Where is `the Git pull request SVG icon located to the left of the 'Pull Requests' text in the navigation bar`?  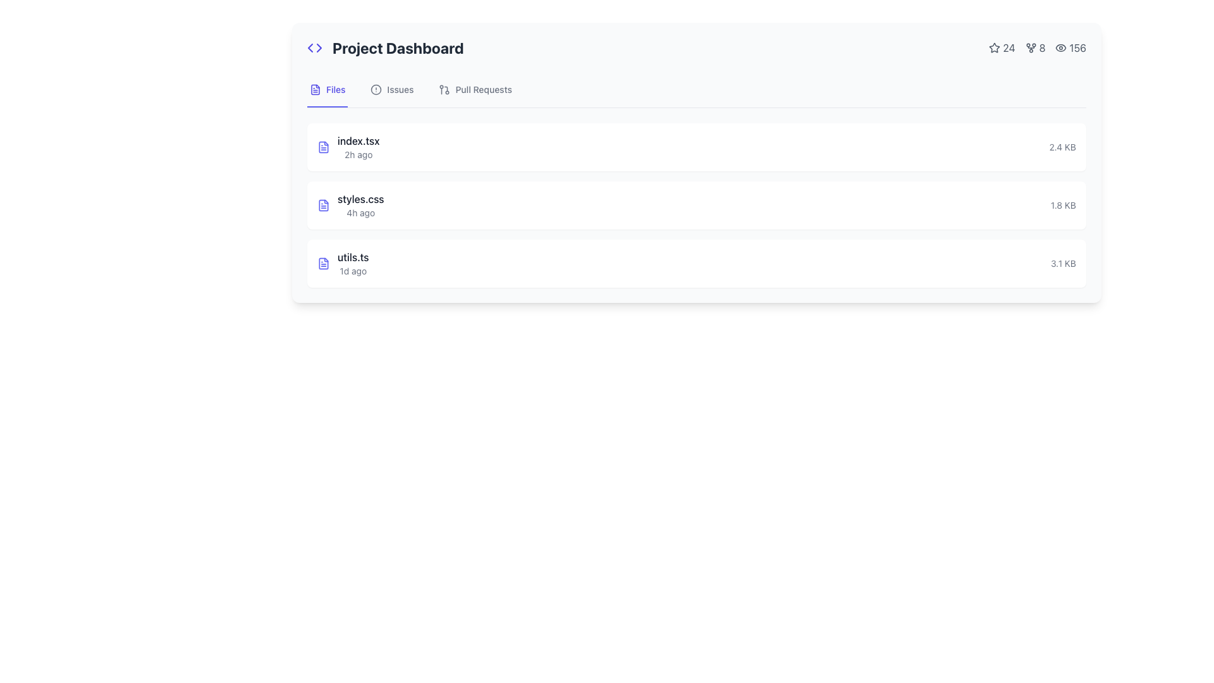 the Git pull request SVG icon located to the left of the 'Pull Requests' text in the navigation bar is located at coordinates (445, 89).